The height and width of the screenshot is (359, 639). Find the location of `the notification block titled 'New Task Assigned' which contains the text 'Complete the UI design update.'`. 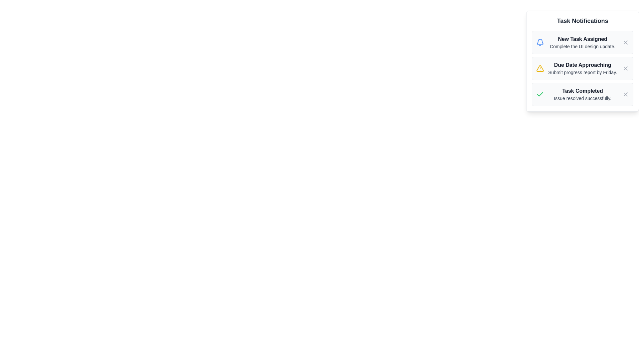

the notification block titled 'New Task Assigned' which contains the text 'Complete the UI design update.' is located at coordinates (582, 42).